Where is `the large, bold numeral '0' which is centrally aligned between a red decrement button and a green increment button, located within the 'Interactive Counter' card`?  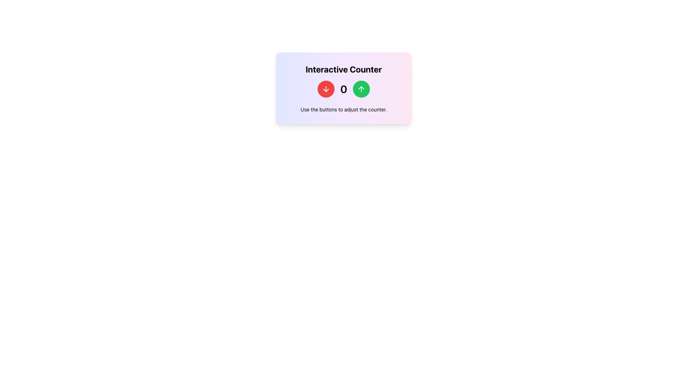
the large, bold numeral '0' which is centrally aligned between a red decrement button and a green increment button, located within the 'Interactive Counter' card is located at coordinates (343, 88).